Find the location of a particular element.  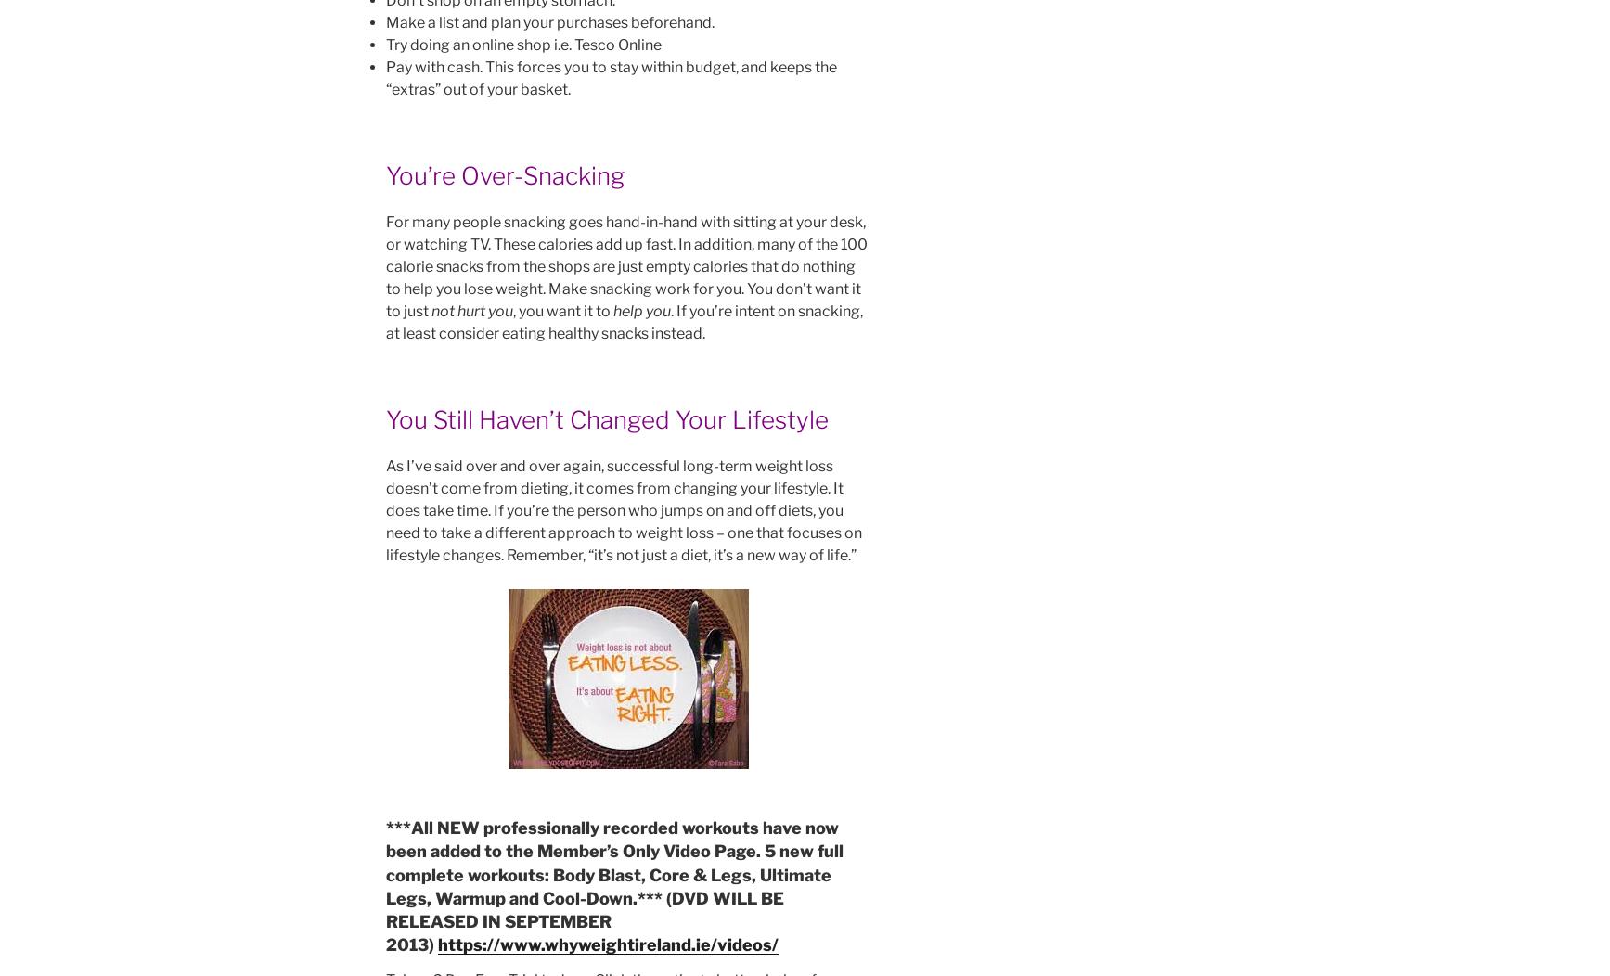

'. If you’re intent on snacking, at least consider eating healthy snacks instead.' is located at coordinates (623, 321).